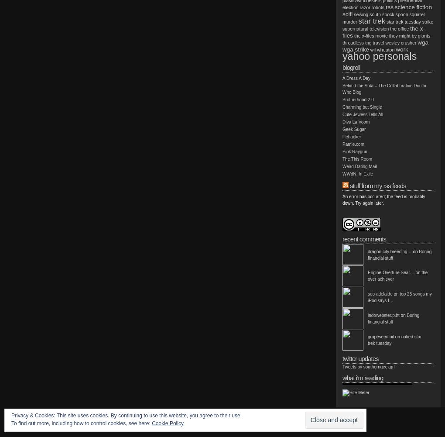 This screenshot has height=437, width=445. I want to click on 'squirrel murder', so click(342, 18).